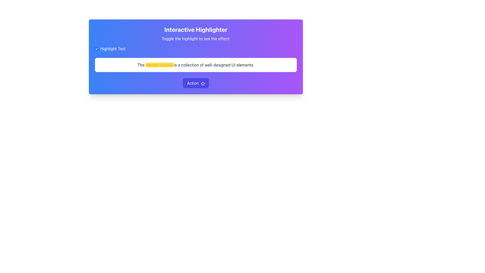 Image resolution: width=485 pixels, height=273 pixels. Describe the element at coordinates (96, 49) in the screenshot. I see `the checkbox located` at that location.